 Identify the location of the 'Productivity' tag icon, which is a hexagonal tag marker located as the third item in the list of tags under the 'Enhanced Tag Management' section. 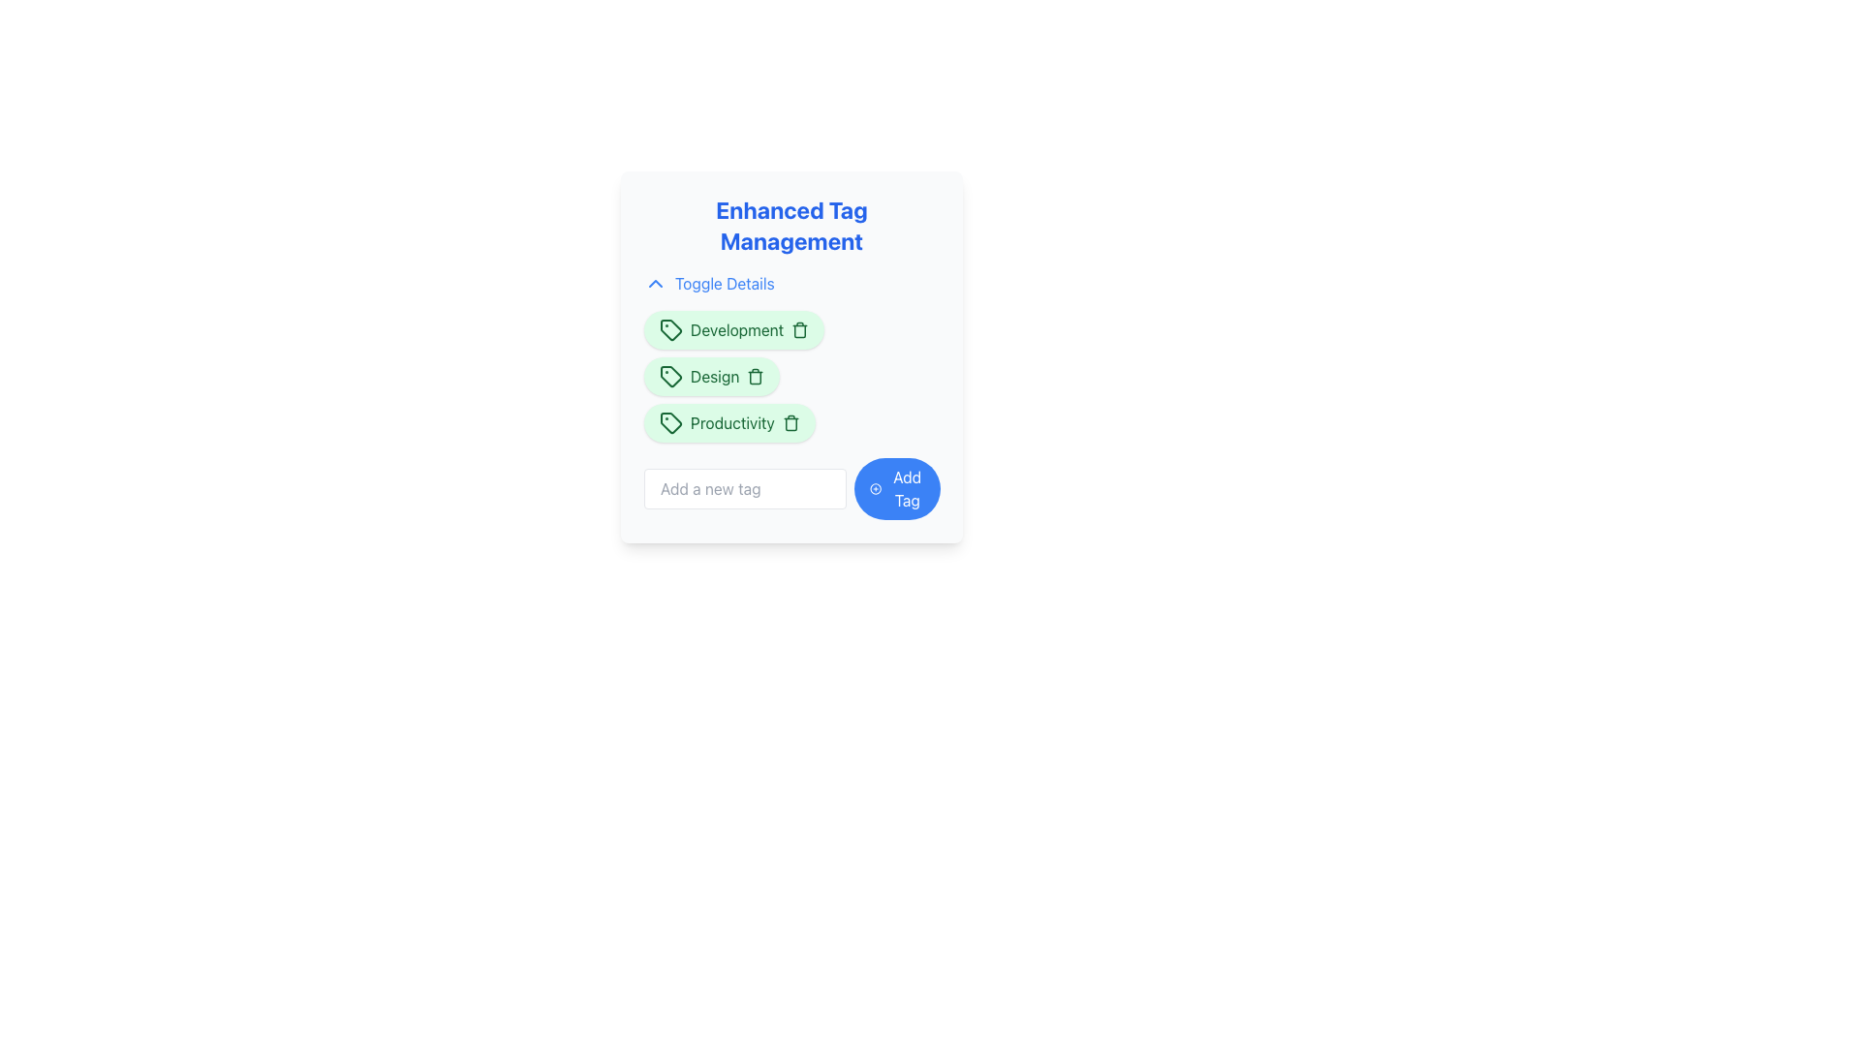
(670, 421).